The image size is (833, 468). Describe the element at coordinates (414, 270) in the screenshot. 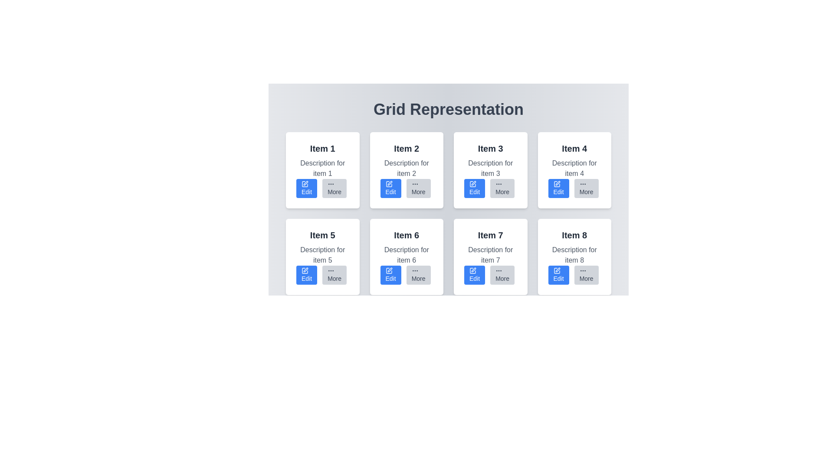

I see `the horizontal ellipsis icon located within the 'More' button at the bottom-right corner of the card representing 'Item 6'` at that location.